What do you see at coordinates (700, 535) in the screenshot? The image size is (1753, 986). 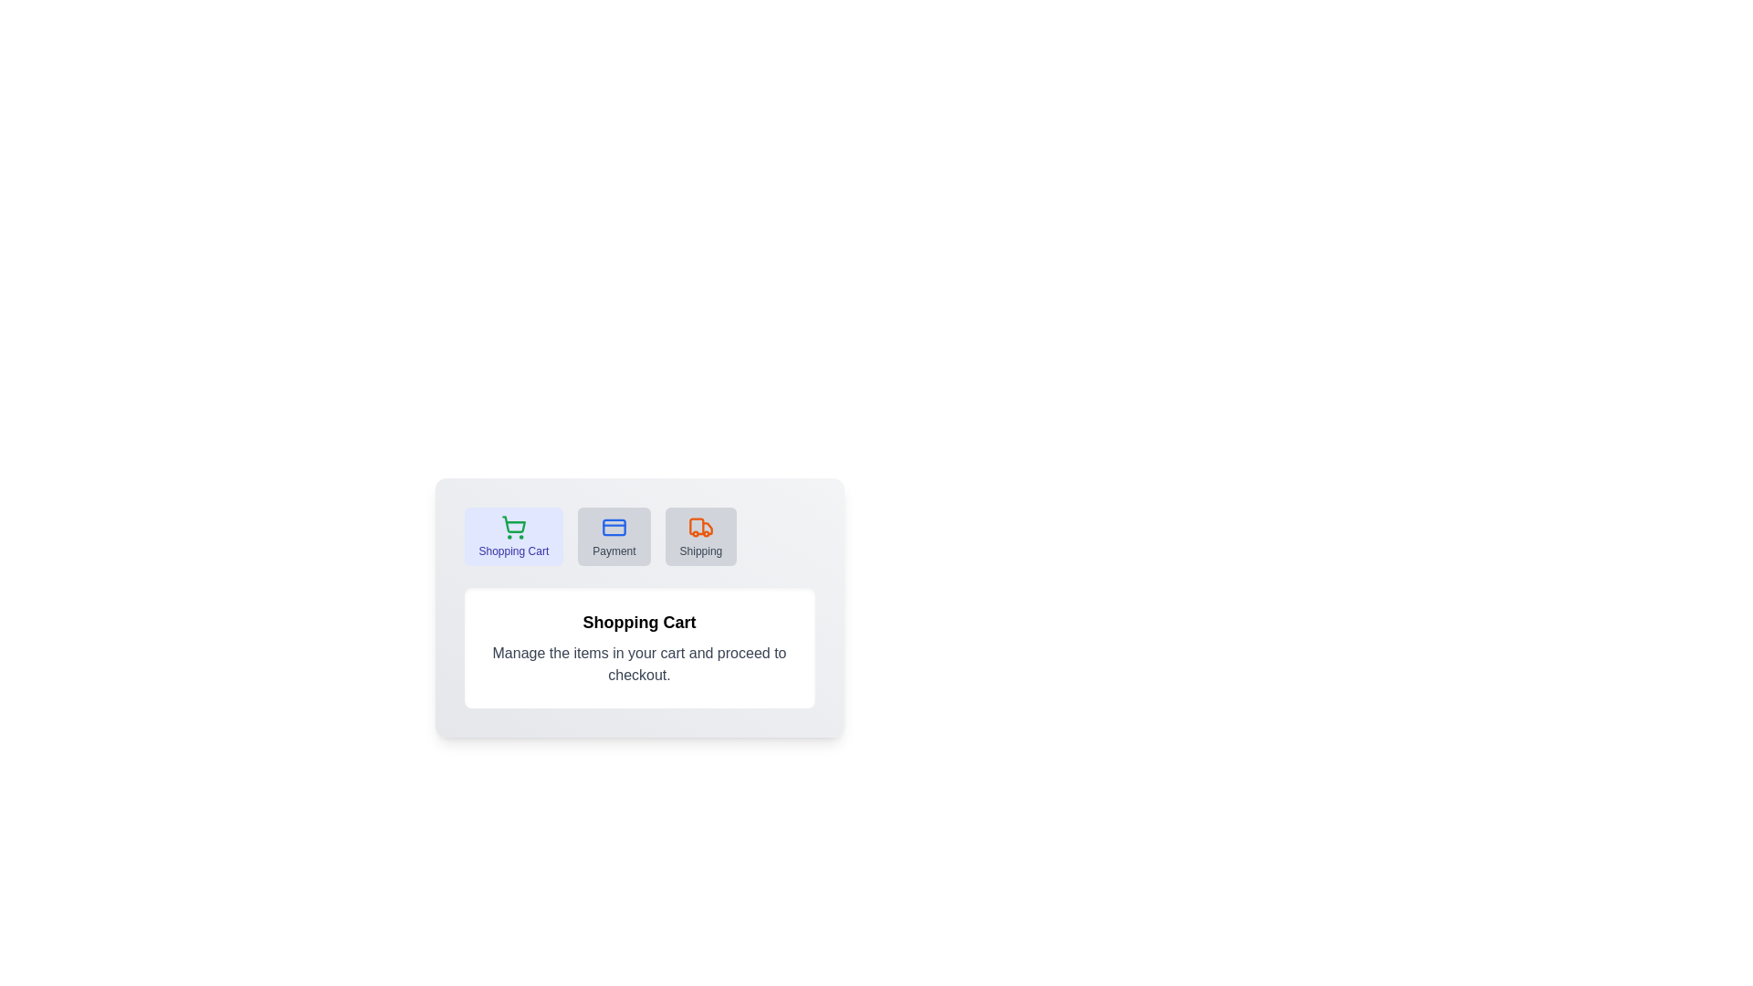 I see `the tab labeled Shipping to switch to it` at bounding box center [700, 535].